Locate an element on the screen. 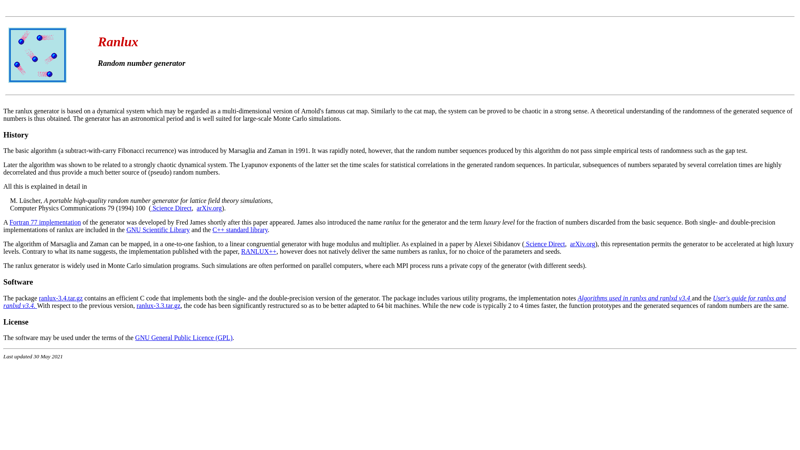 The width and height of the screenshot is (800, 450). 'RANLUX++' is located at coordinates (258, 251).